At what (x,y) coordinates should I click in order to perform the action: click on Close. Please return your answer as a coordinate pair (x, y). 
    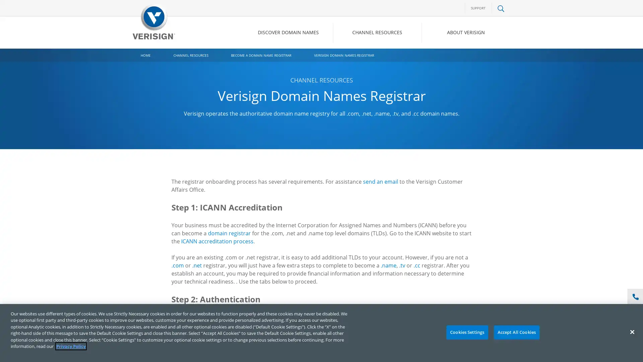
    Looking at the image, I should click on (632, 332).